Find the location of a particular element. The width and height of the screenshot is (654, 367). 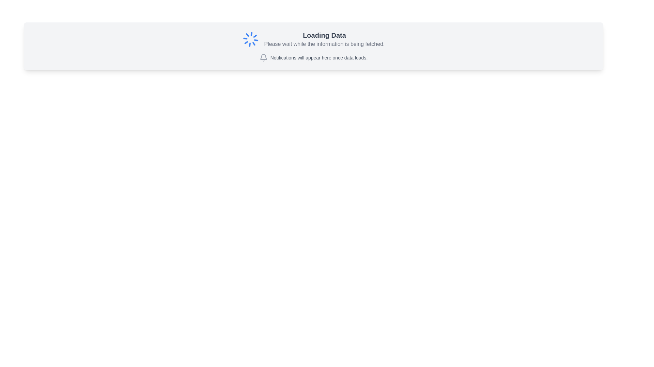

status message displayed in the multi-line text block that says 'Loading Data' and 'Please wait while the information is being fetched.' is located at coordinates (324, 39).